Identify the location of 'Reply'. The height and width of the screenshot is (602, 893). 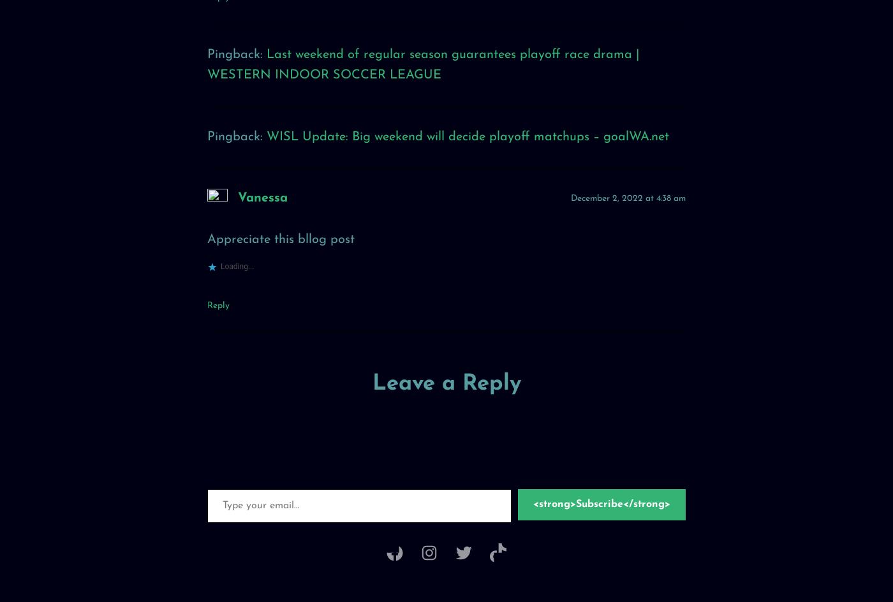
(218, 304).